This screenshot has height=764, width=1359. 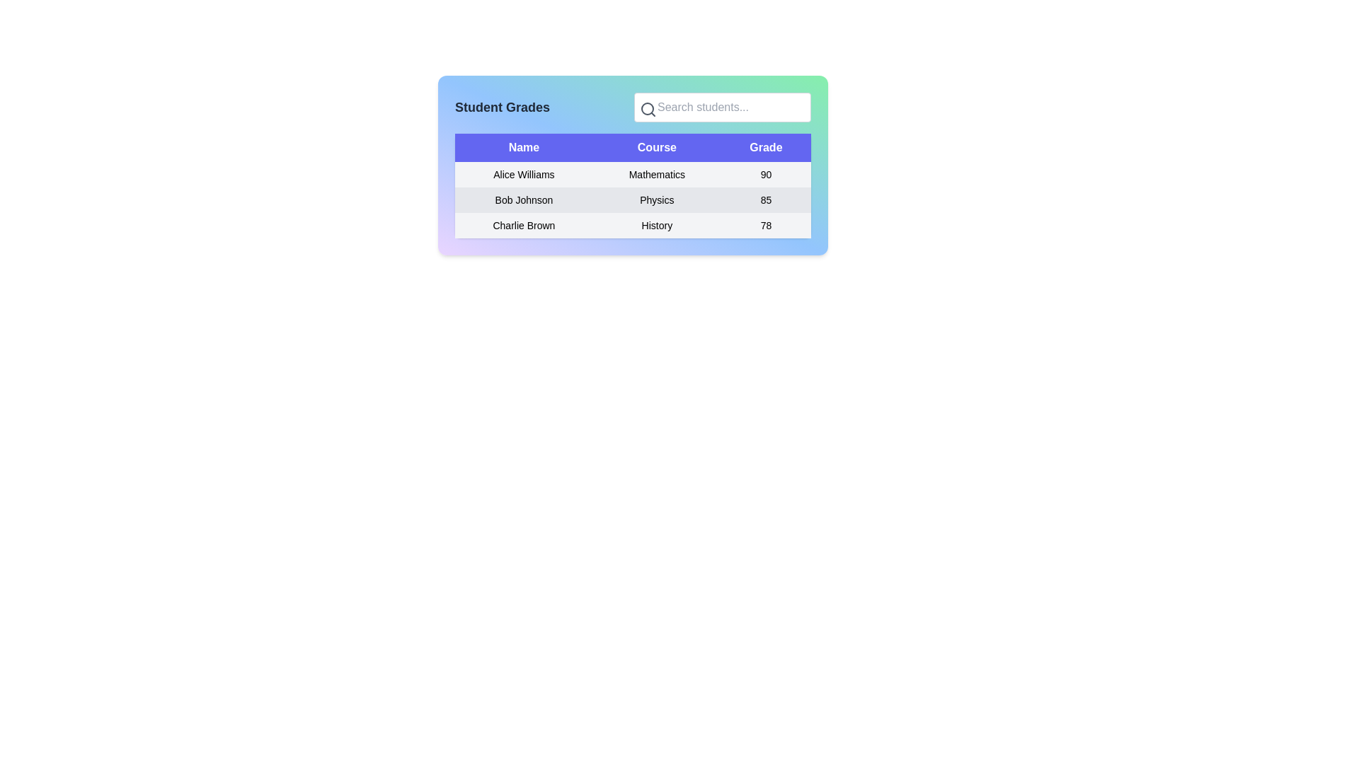 I want to click on the 'Name' label, which is a rectangular header with white text on a purple background, located at the upper-left corner of the table, so click(x=523, y=147).